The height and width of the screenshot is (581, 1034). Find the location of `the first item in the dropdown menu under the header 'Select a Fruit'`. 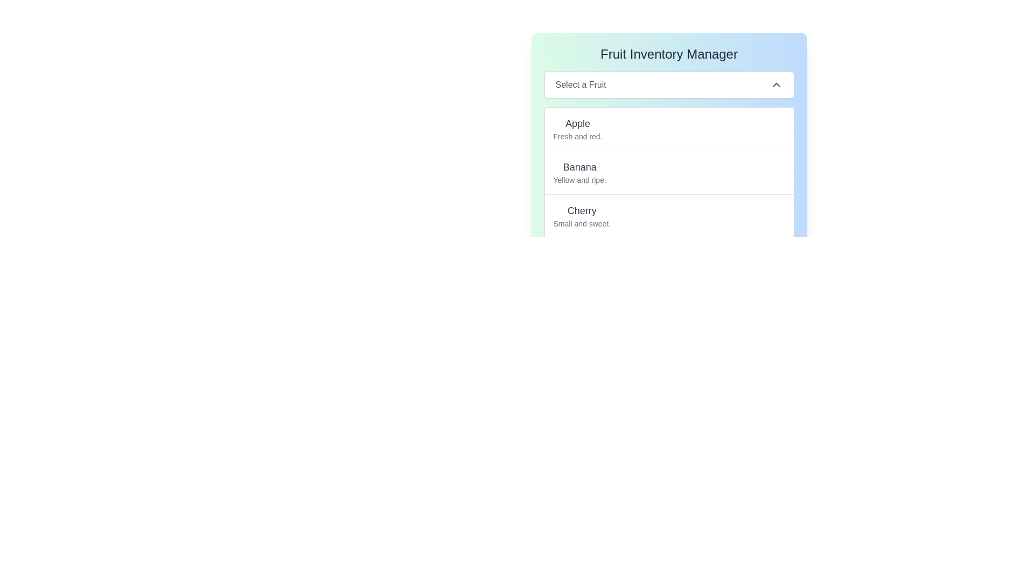

the first item in the dropdown menu under the header 'Select a Fruit' is located at coordinates (577, 128).